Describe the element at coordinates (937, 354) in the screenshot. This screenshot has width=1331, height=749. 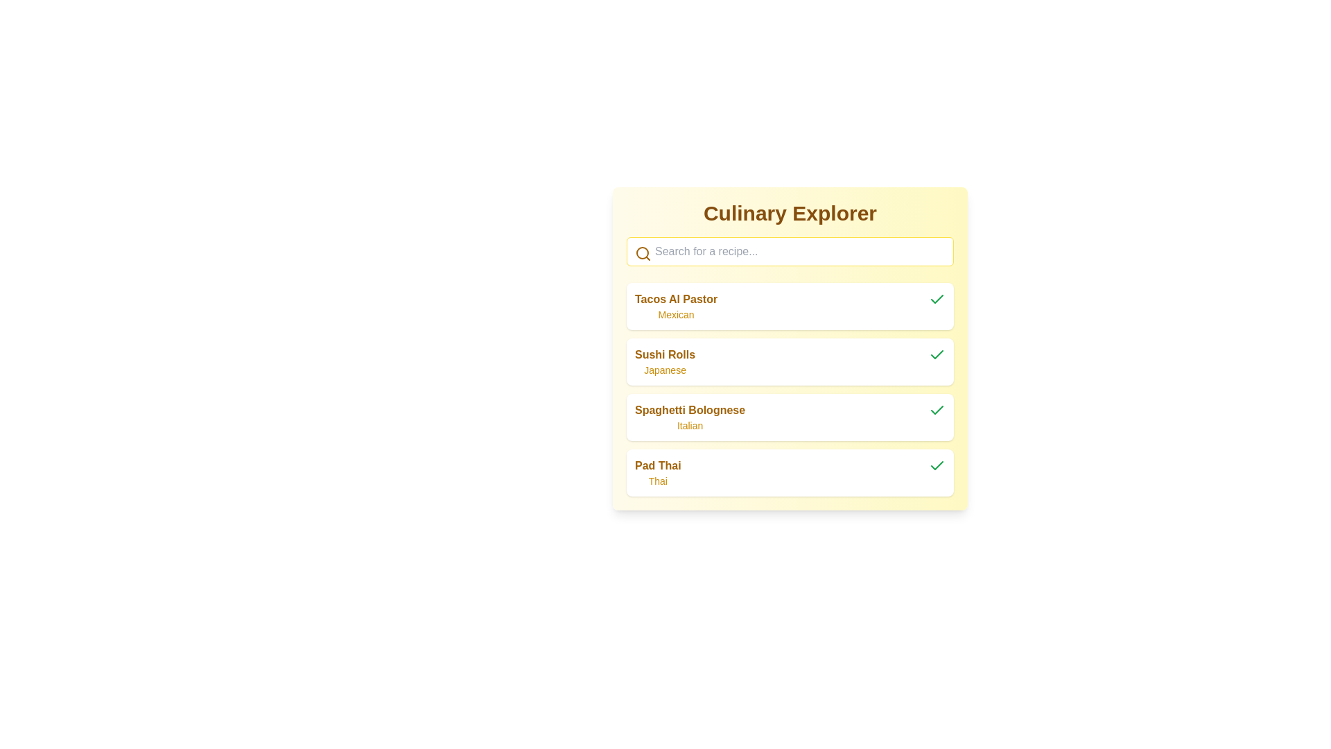
I see `the green checkmark icon located at the far right of the 'Sushi Rolls Japanese' row` at that location.